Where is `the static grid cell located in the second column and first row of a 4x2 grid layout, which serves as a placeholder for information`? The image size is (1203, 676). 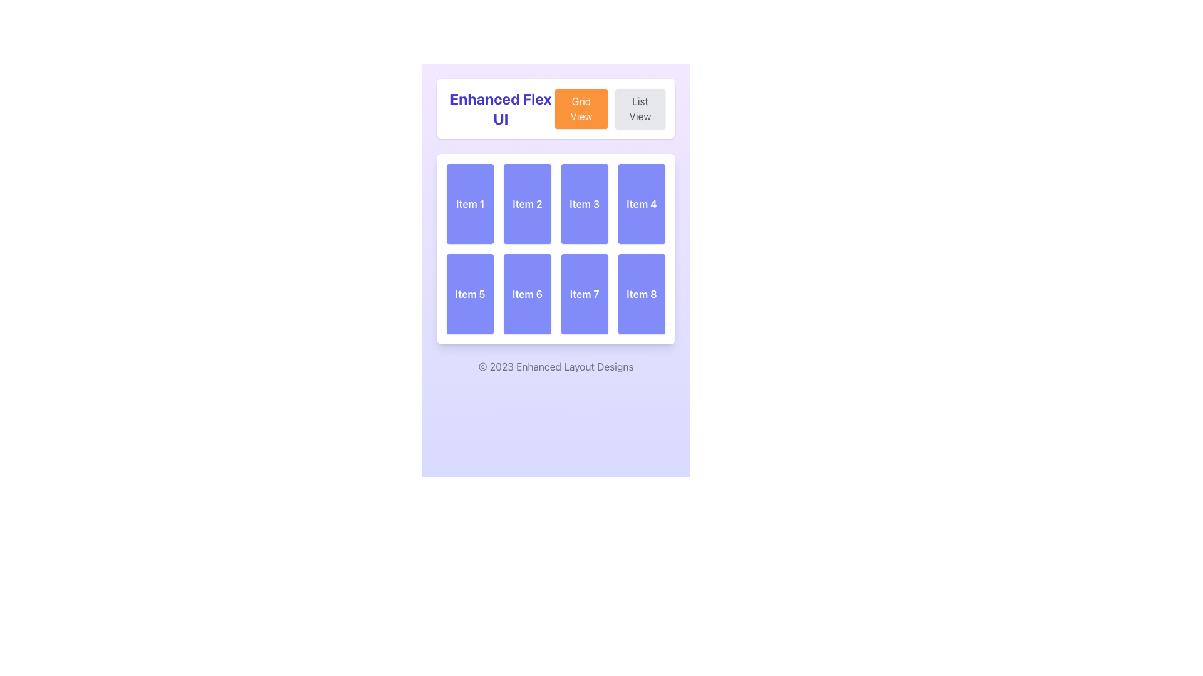 the static grid cell located in the second column and first row of a 4x2 grid layout, which serves as a placeholder for information is located at coordinates (527, 203).